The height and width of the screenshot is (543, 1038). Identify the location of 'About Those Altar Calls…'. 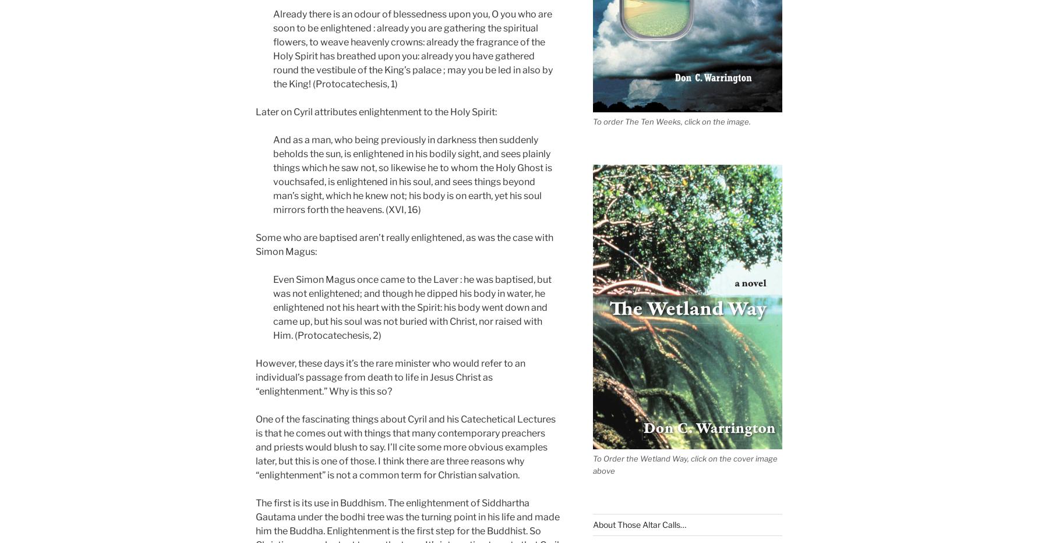
(638, 524).